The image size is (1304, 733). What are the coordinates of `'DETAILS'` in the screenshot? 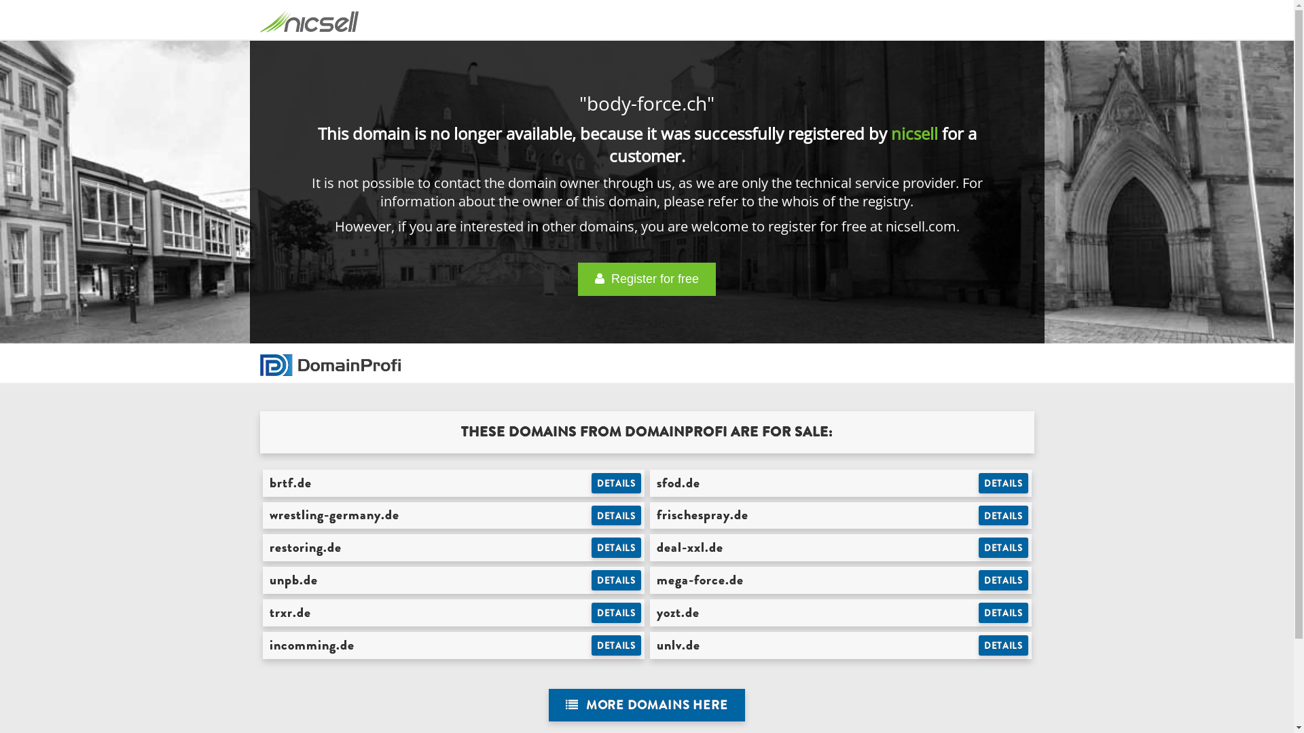 It's located at (1003, 515).